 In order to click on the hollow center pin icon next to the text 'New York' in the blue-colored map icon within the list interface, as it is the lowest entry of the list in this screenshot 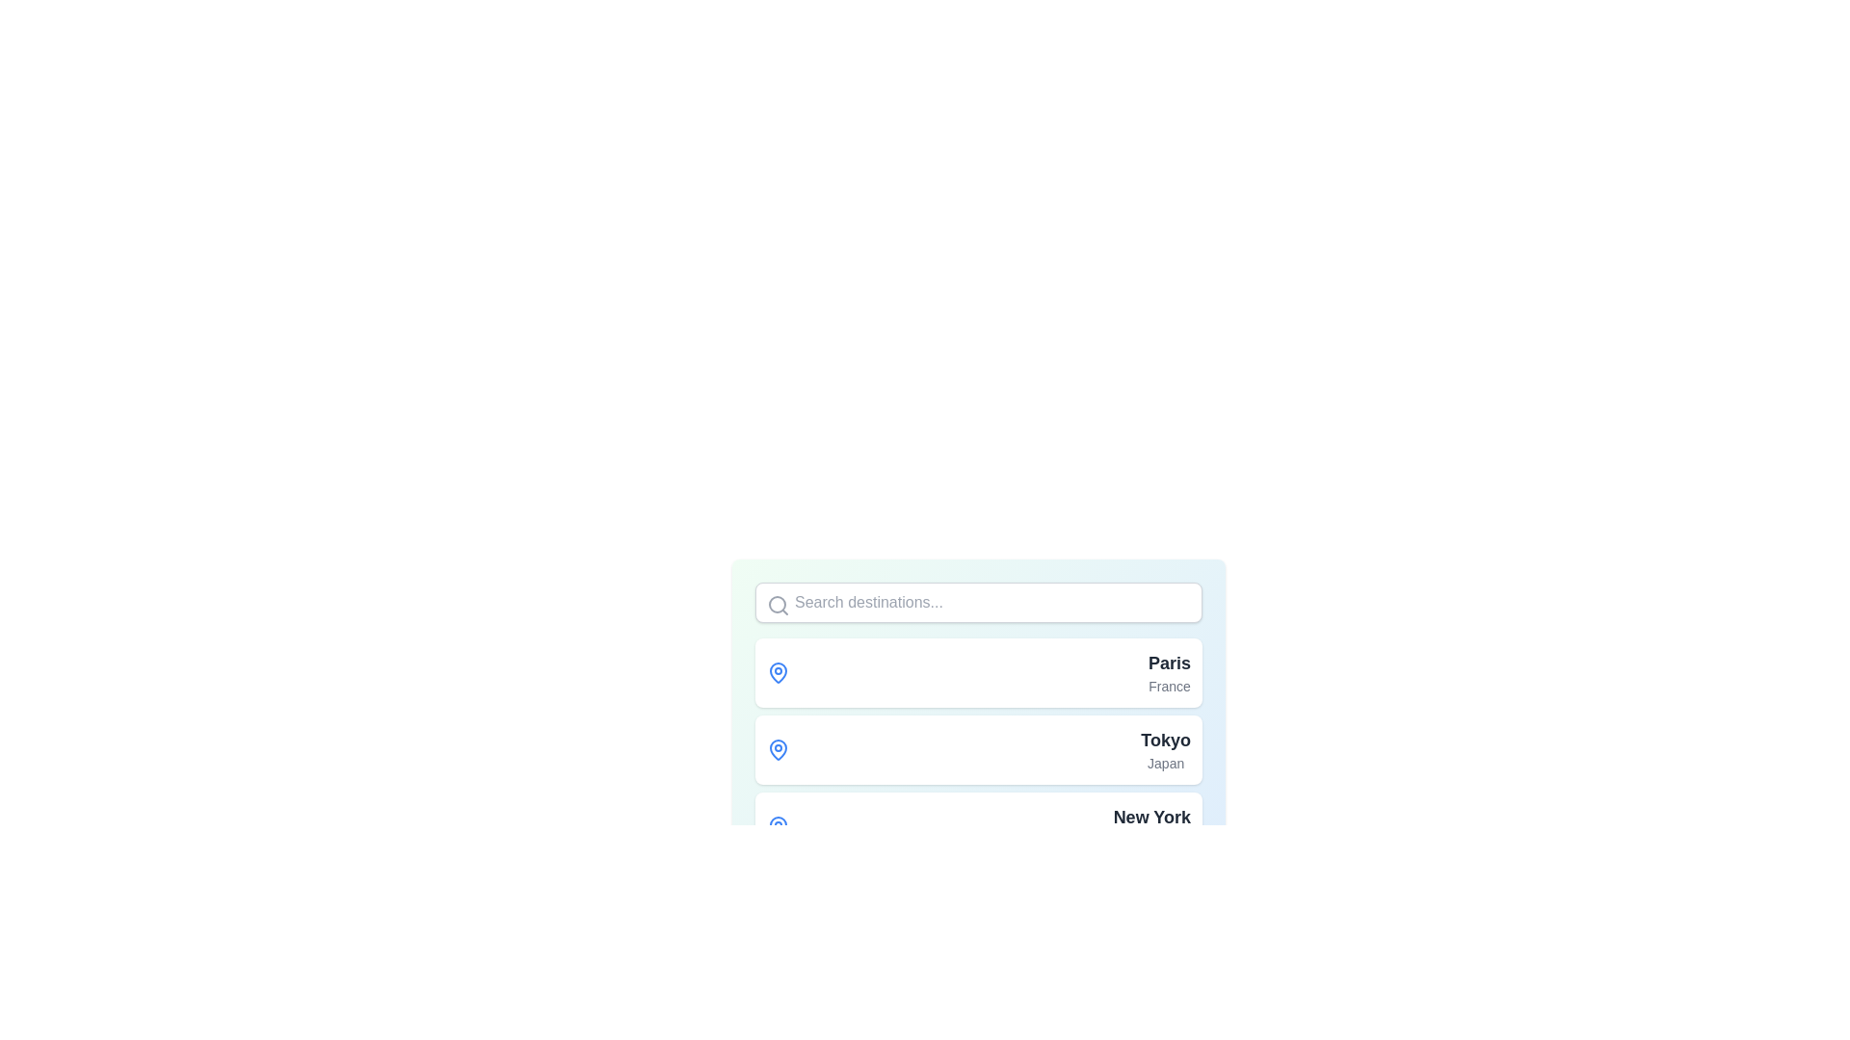, I will do `click(778, 824)`.